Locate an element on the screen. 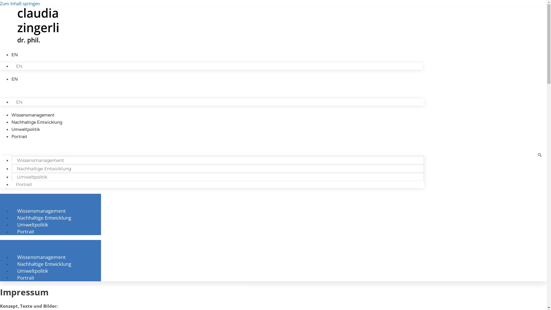 The height and width of the screenshot is (310, 551). 'Nachhaltige Entwicklung' is located at coordinates (44, 168).